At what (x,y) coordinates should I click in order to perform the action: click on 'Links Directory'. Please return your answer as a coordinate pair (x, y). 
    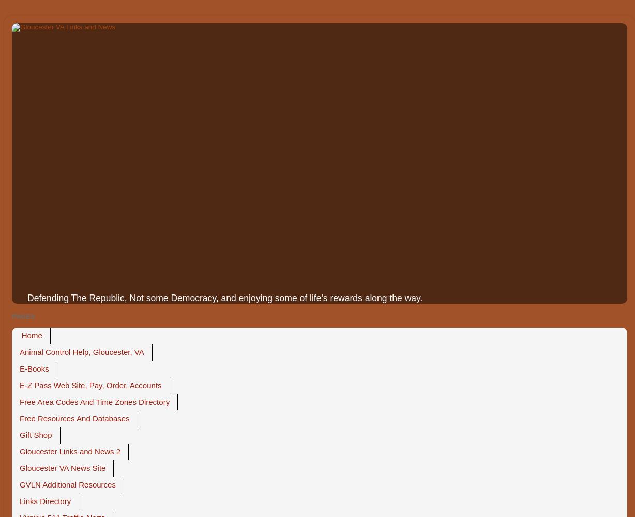
    Looking at the image, I should click on (45, 500).